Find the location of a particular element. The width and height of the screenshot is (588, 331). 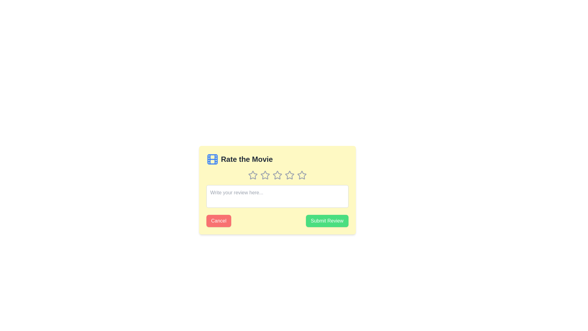

the first star button in the rating system is located at coordinates (253, 175).